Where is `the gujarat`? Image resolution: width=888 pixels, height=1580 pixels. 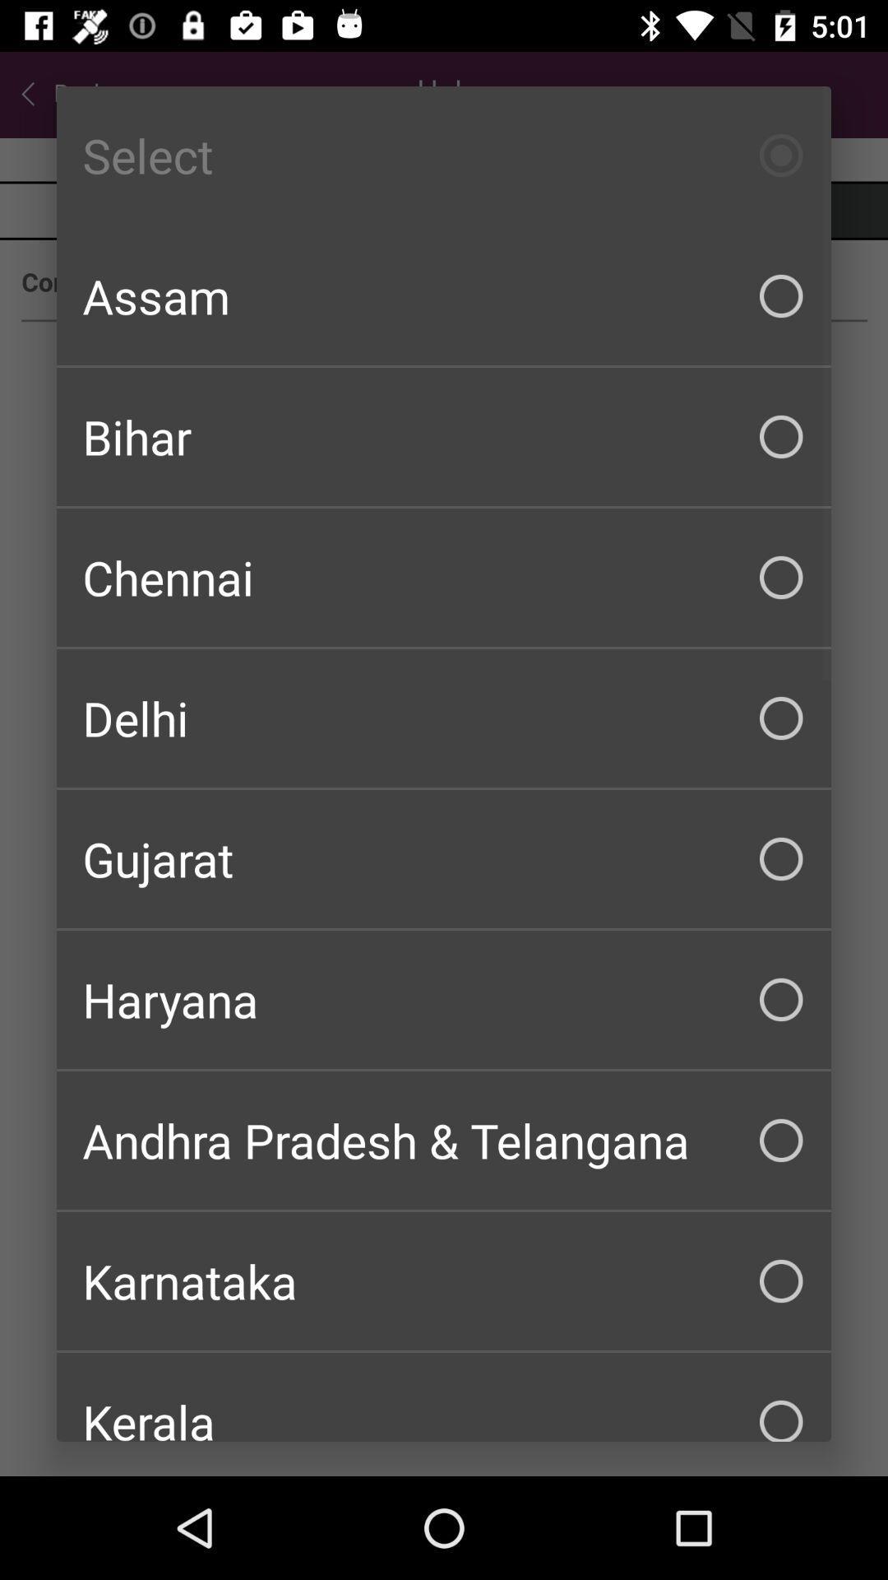
the gujarat is located at coordinates (444, 857).